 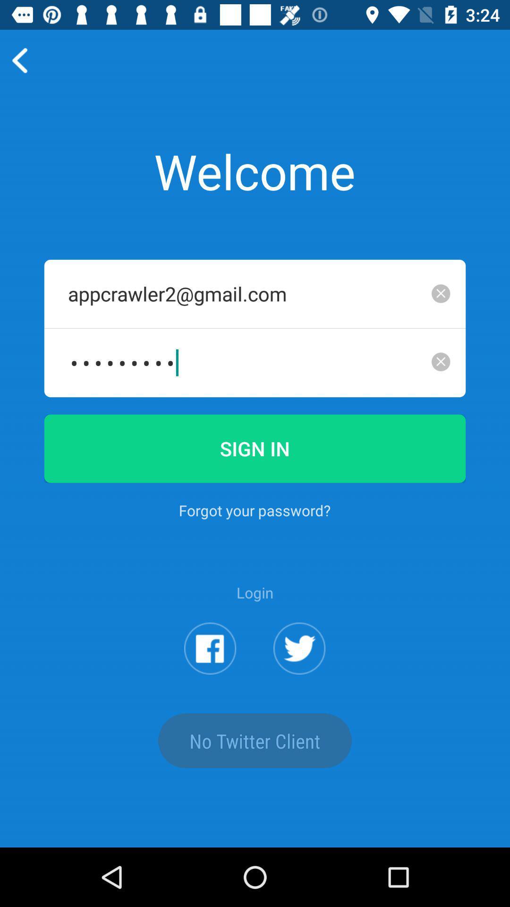 I want to click on click the close button to remove the password, so click(x=441, y=361).